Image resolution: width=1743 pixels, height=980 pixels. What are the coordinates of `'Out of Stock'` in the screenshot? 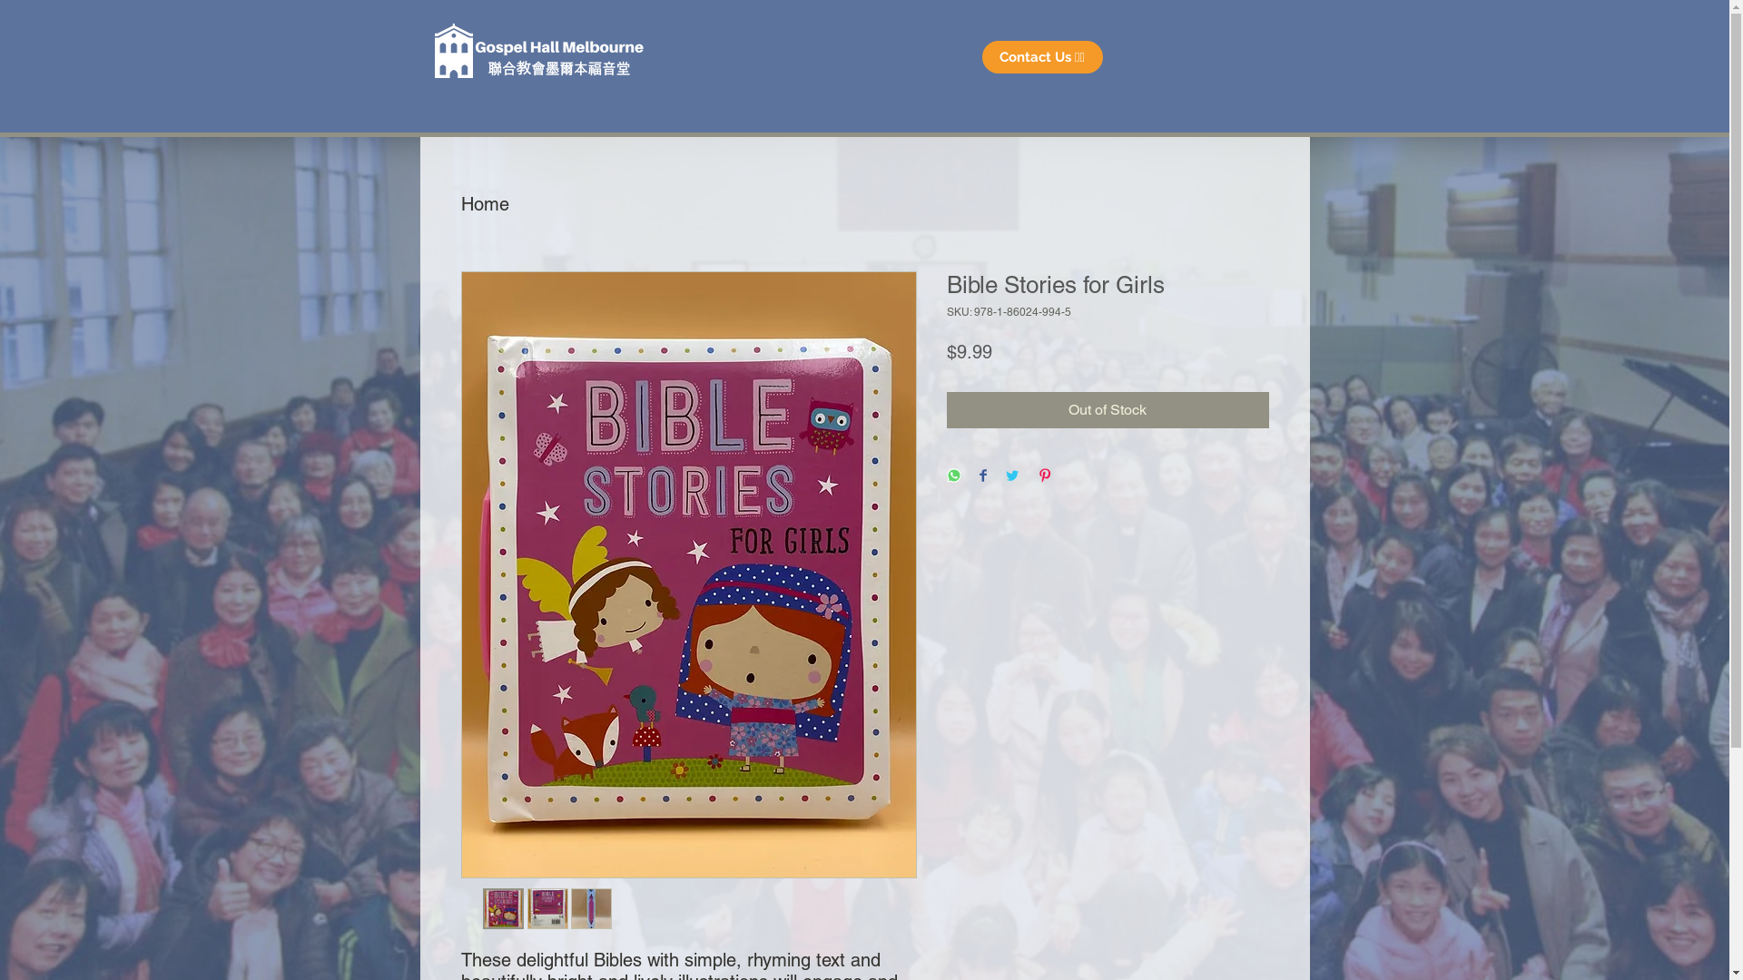 It's located at (1106, 409).